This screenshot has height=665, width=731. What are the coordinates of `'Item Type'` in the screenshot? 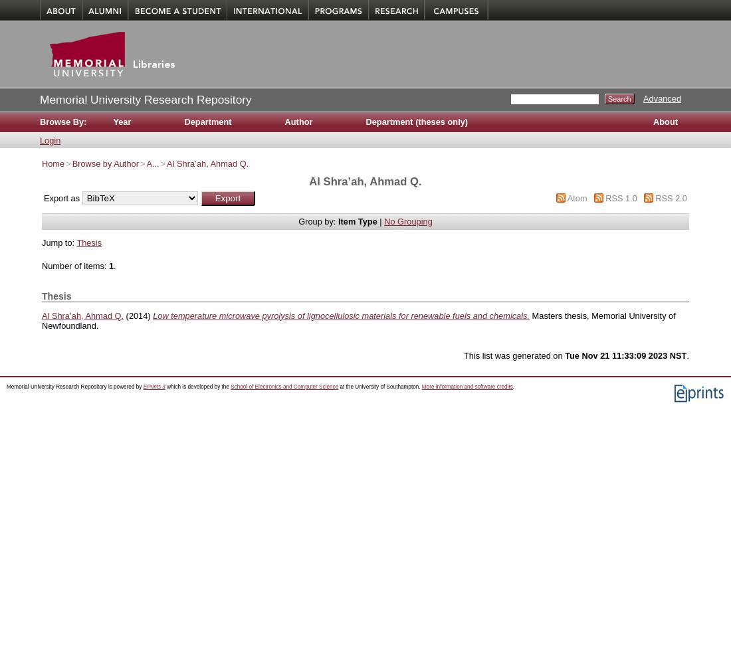 It's located at (337, 221).